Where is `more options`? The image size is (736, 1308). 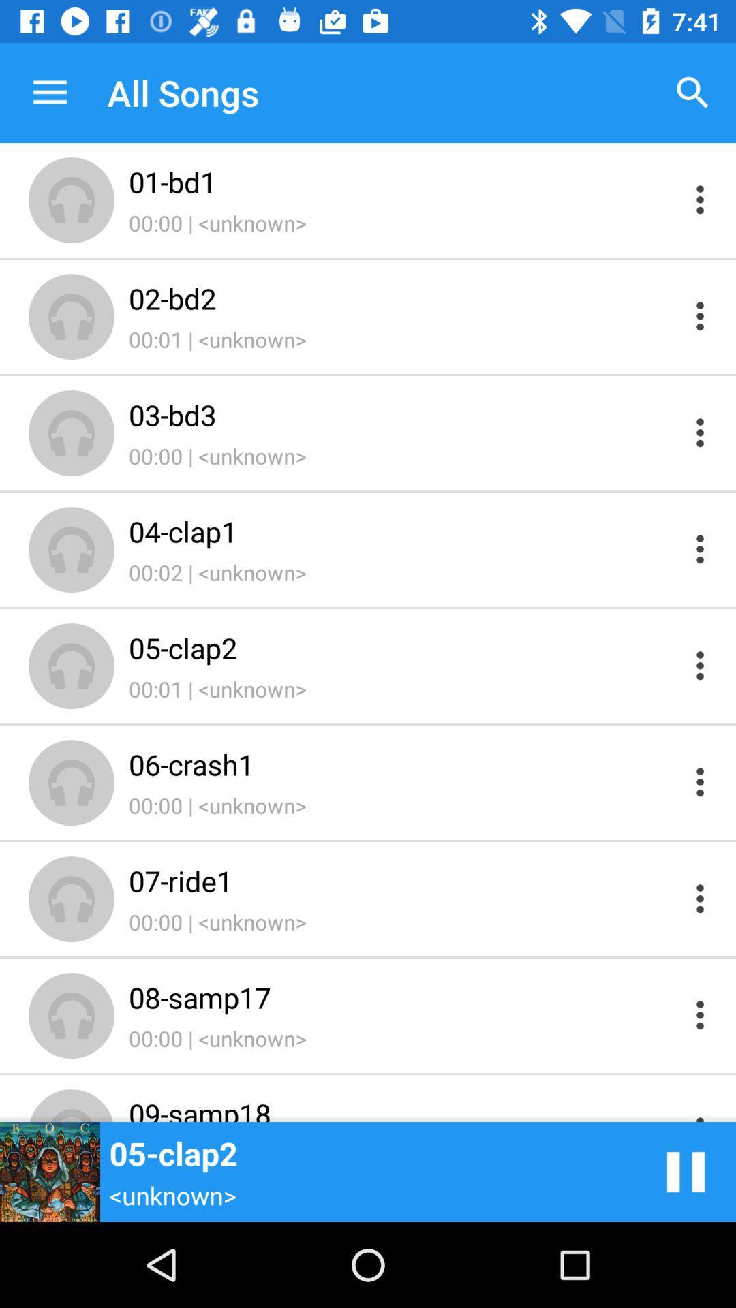 more options is located at coordinates (700, 782).